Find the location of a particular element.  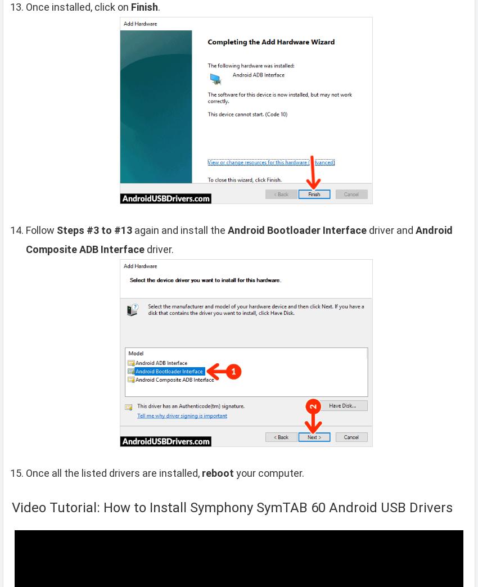

'Steps #3 to #13' is located at coordinates (94, 229).